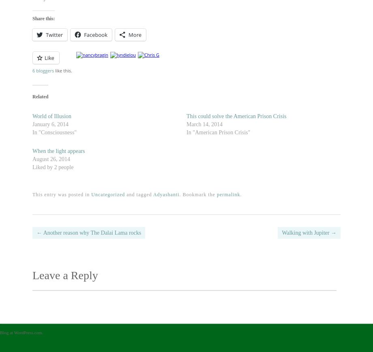  I want to click on 'Adyashanti', so click(165, 193).